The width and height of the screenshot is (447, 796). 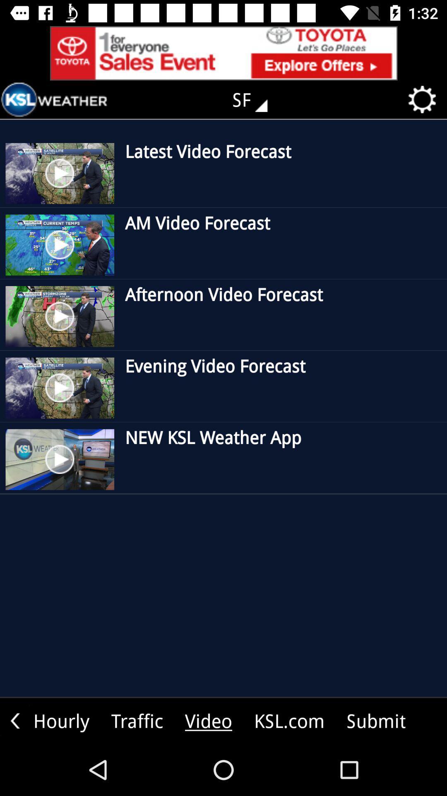 What do you see at coordinates (65, 720) in the screenshot?
I see `move to the text hourly which is bottom left to the page` at bounding box center [65, 720].